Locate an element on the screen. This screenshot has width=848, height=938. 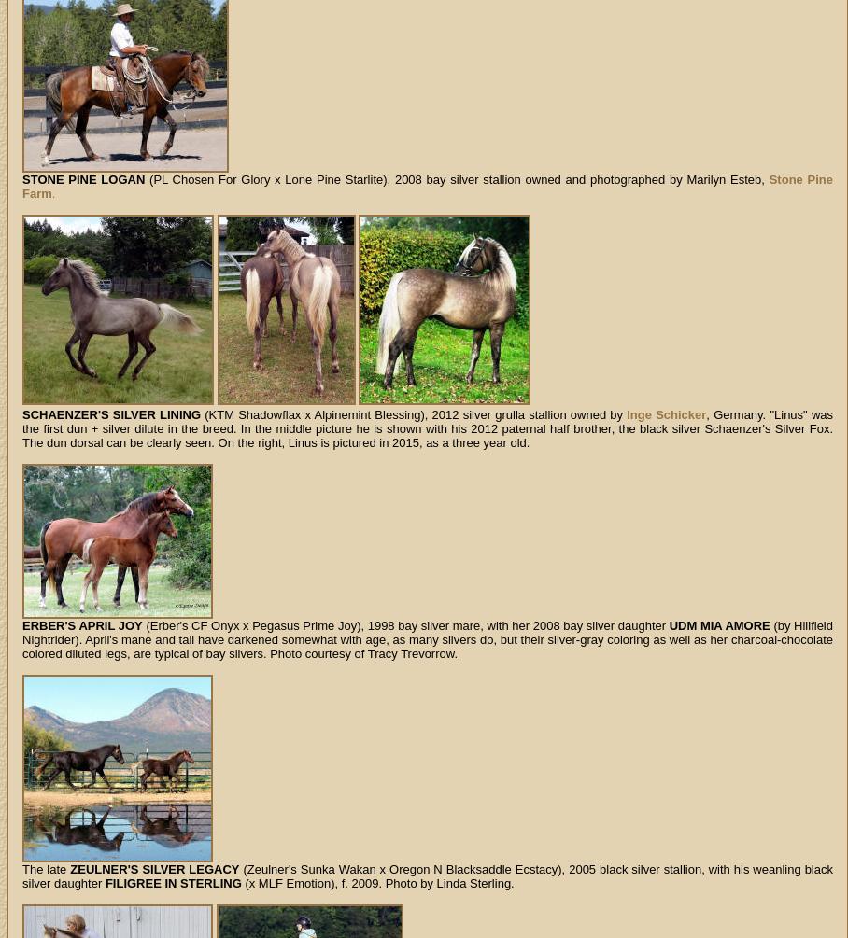
'(Zeulner's Sunka Wakan x Oregon N Blacksaddle Ecstacy), 2005 black silver stallion, with his weanling black silver daughter' is located at coordinates (426, 875).